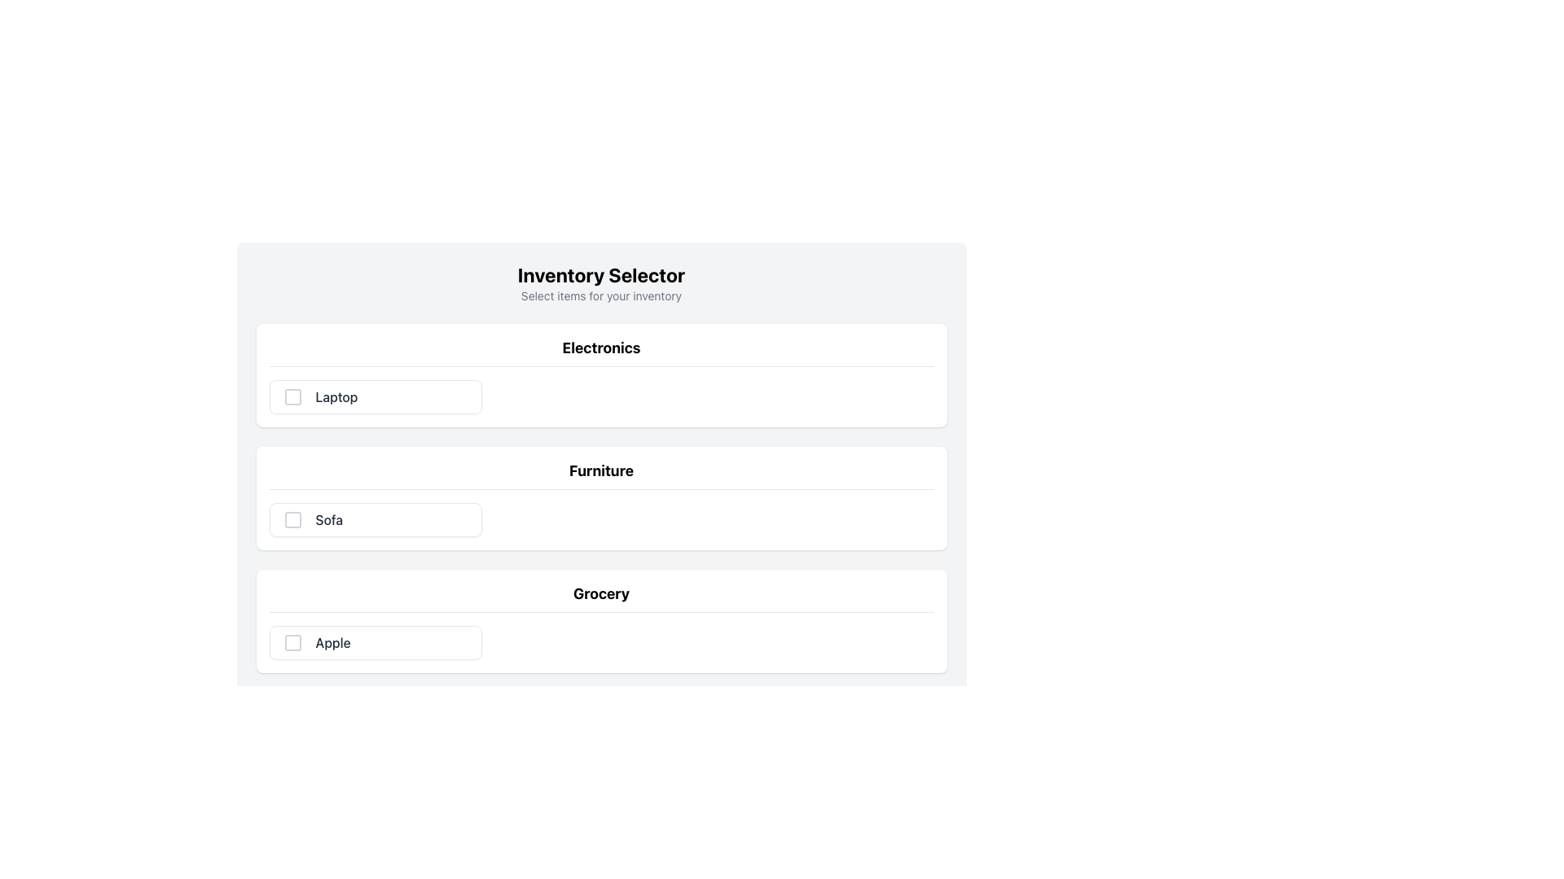  Describe the element at coordinates (328, 520) in the screenshot. I see `the 'Sofa' text label in the 'Furniture' category, which is located to the right of the checkbox icon and positioned in the middle section of the interface` at that location.